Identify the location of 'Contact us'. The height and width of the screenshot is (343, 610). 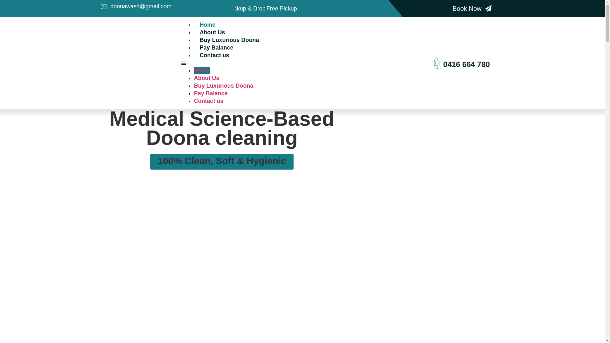
(214, 55).